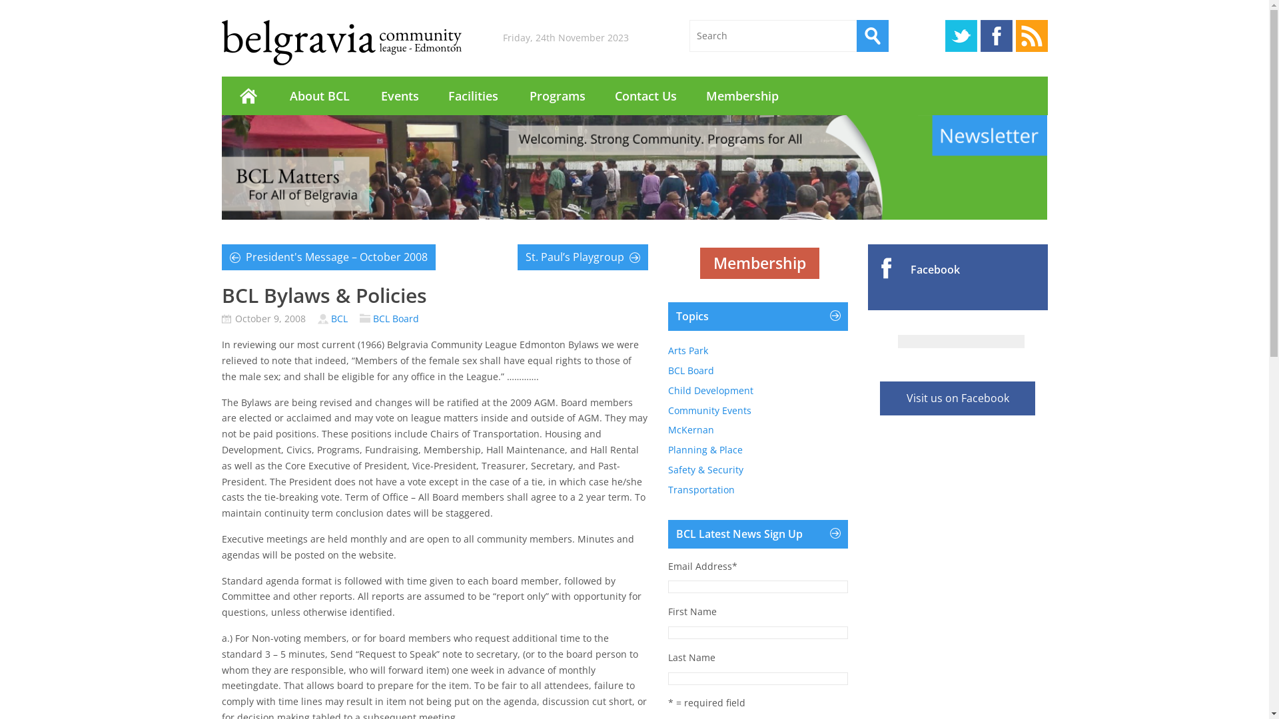 This screenshot has height=719, width=1279. I want to click on 'Child Development', so click(709, 389).